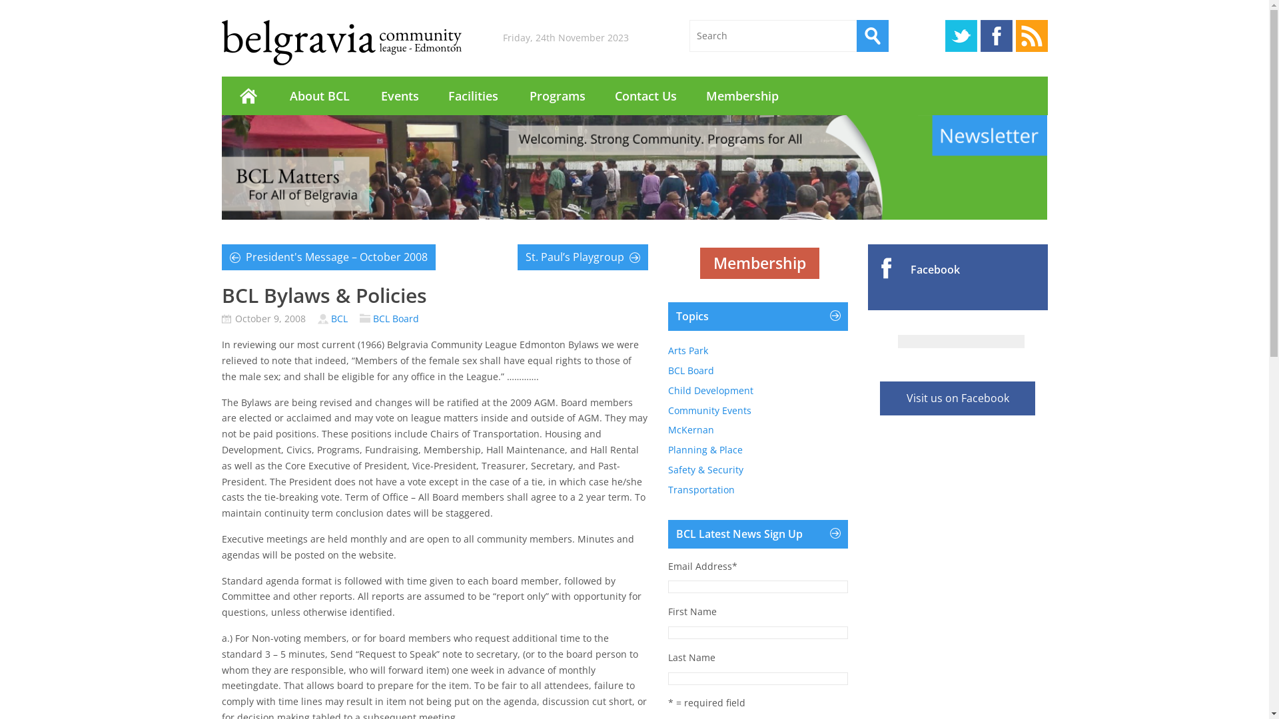 This screenshot has height=719, width=1279. I want to click on 'Child Development', so click(709, 389).